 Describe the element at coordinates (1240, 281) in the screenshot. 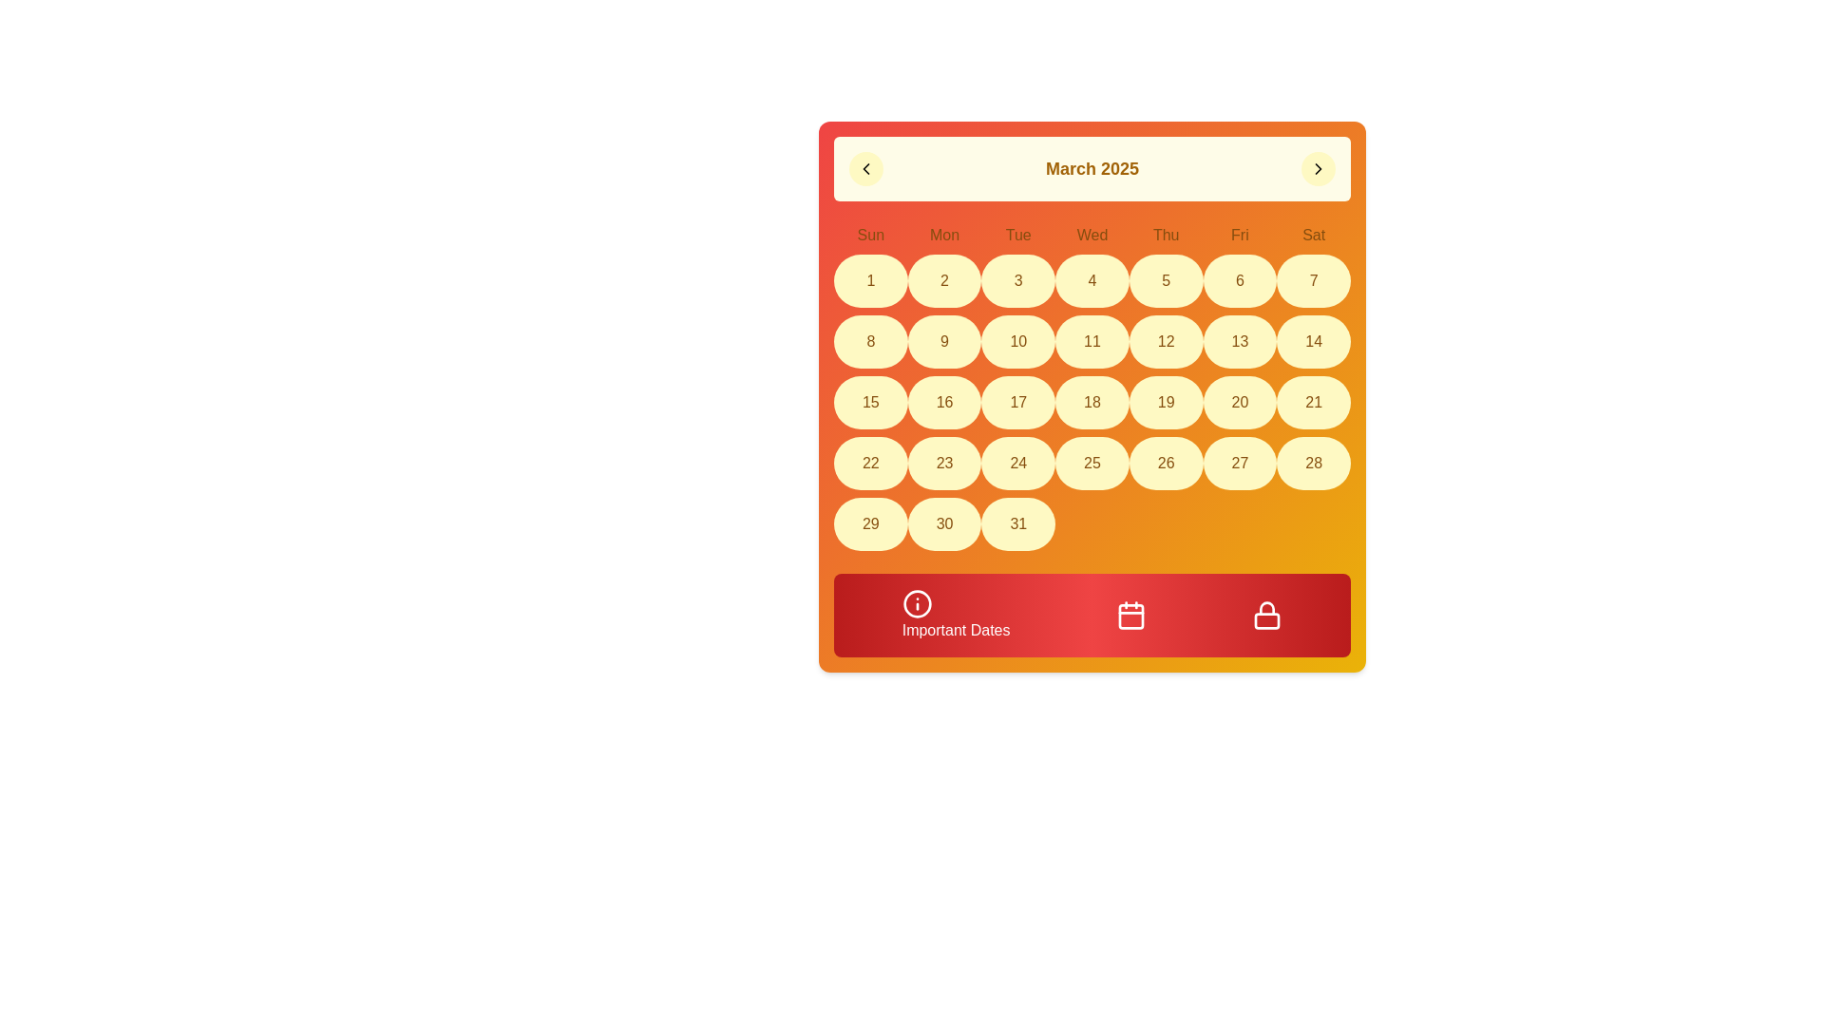

I see `the circular button with a yellow background displaying the number '6' located under the 'Fri' column in the first row of the calendar grid` at that location.